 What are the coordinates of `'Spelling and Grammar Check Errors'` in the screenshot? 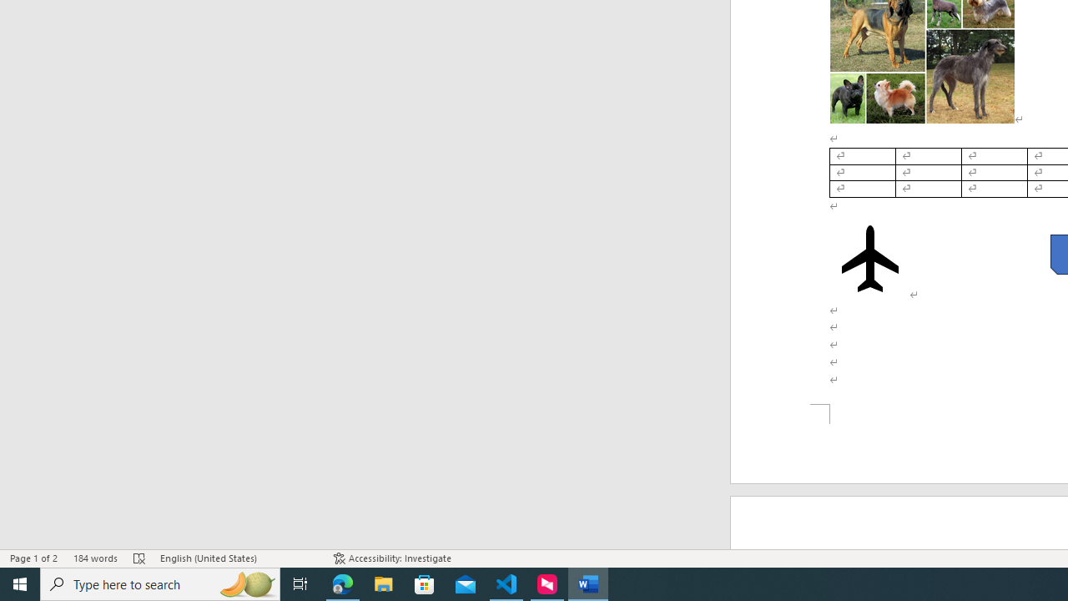 It's located at (140, 558).